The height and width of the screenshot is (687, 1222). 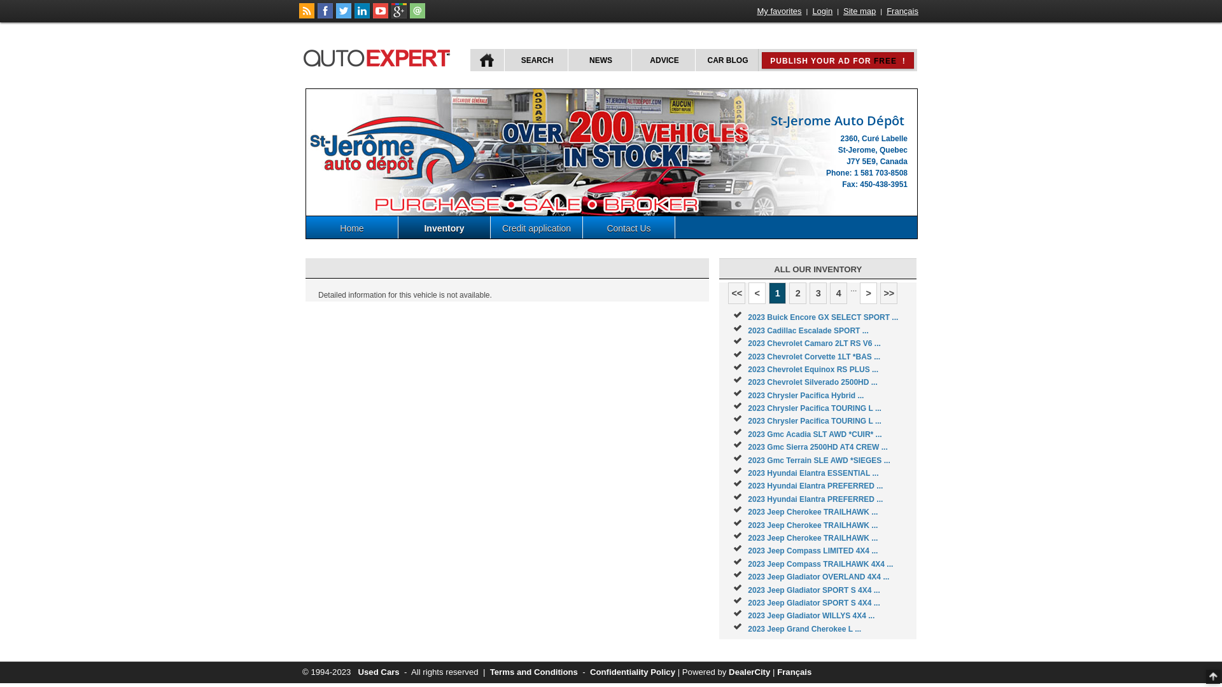 What do you see at coordinates (812, 473) in the screenshot?
I see `'2023 Hyundai Elantra ESSENTIAL ...'` at bounding box center [812, 473].